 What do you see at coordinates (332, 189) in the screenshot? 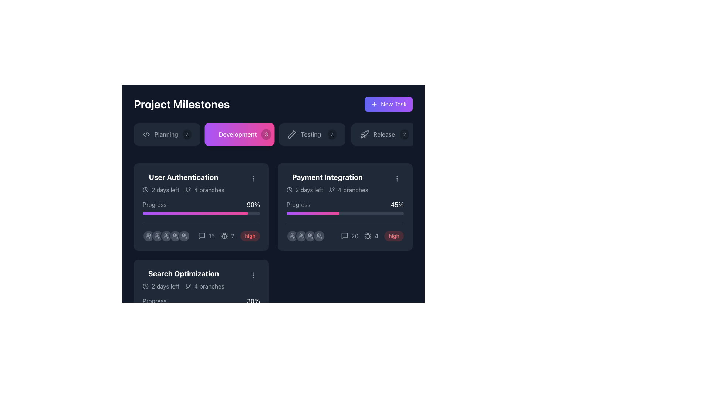
I see `the small branch structure icon located to the left of the text '4 branches.'` at bounding box center [332, 189].